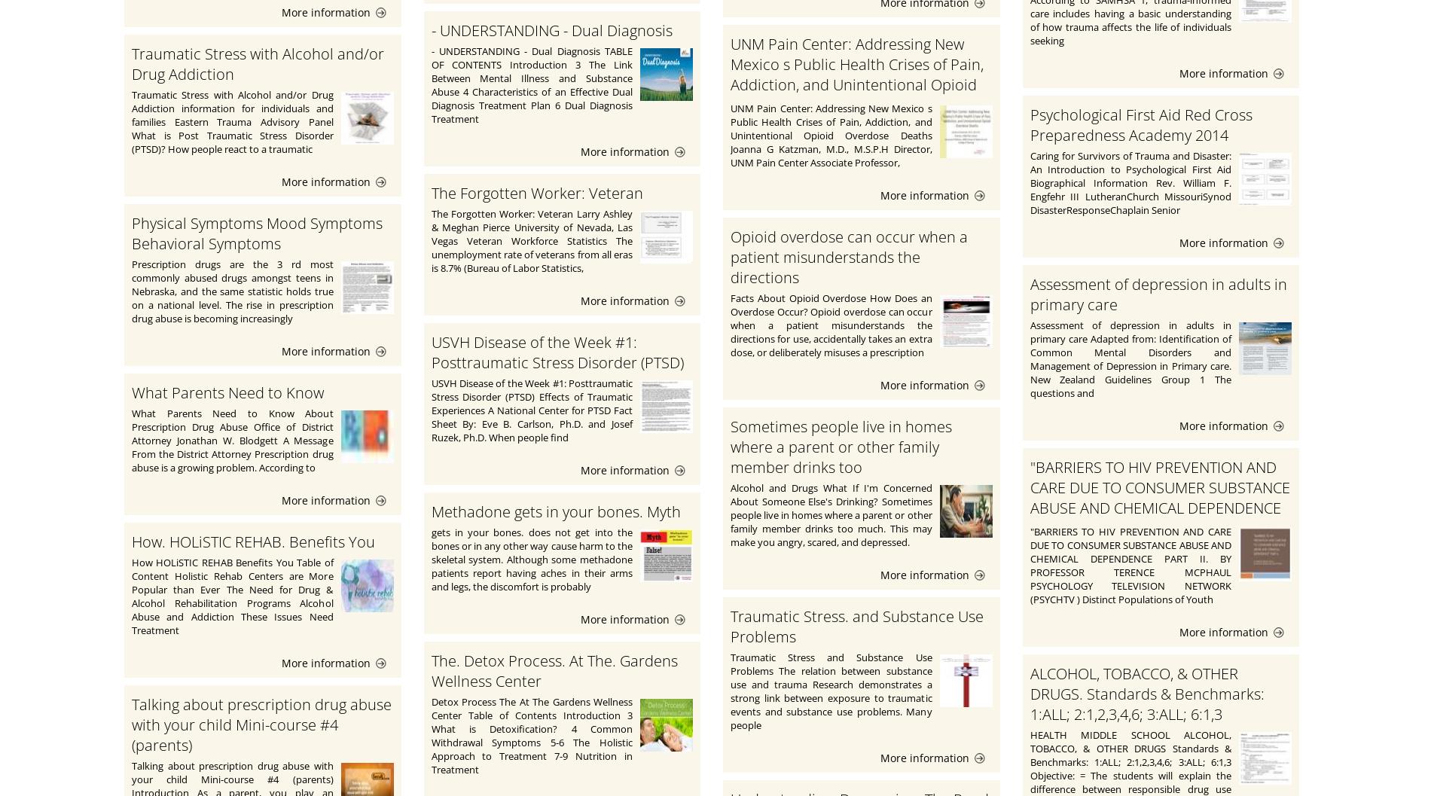 This screenshot has width=1431, height=796. Describe the element at coordinates (551, 30) in the screenshot. I see `'- UNDERSTANDING - Dual Diagnosis'` at that location.